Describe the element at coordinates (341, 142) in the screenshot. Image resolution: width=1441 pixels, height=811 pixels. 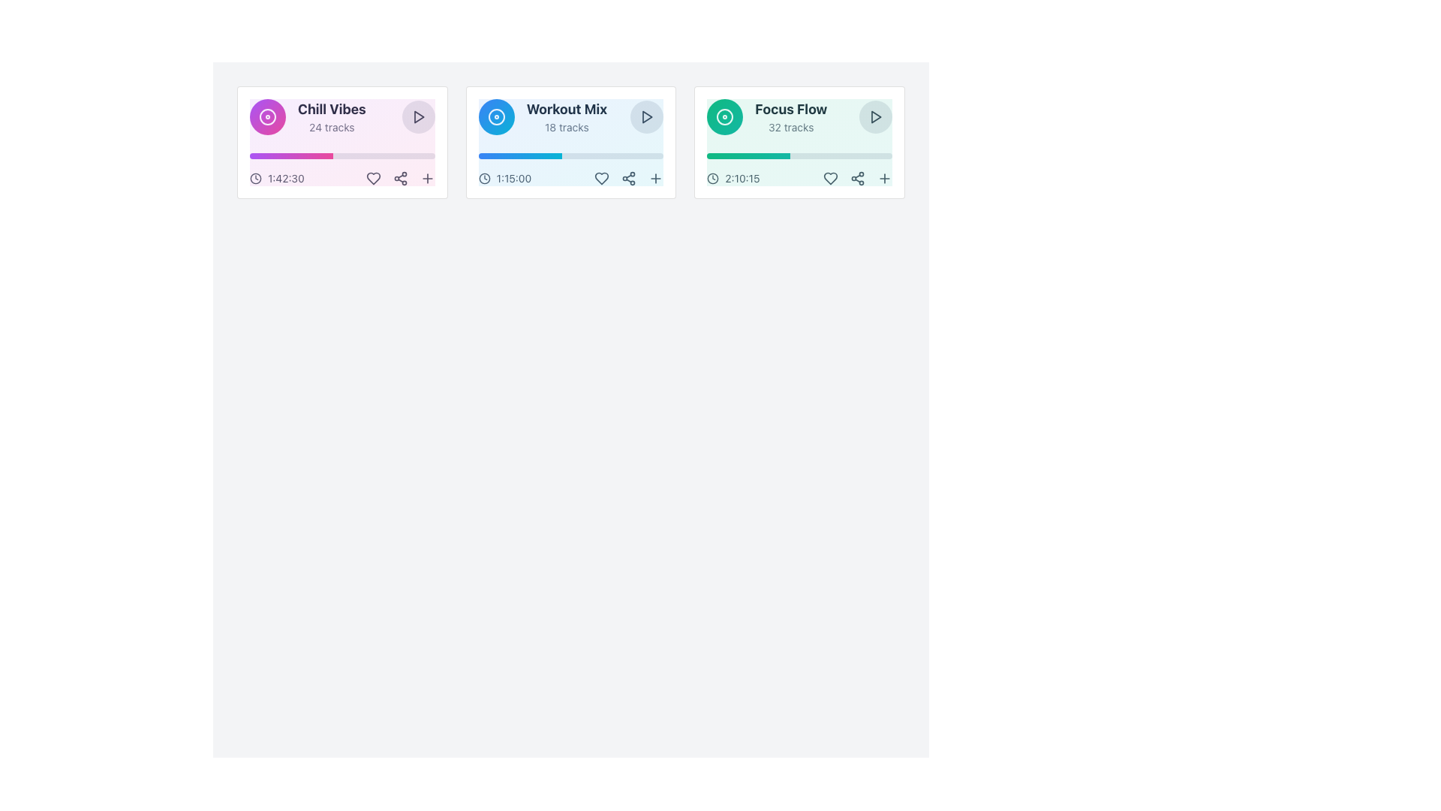
I see `the leftmost playlist card in the horizontal series to interact with its controls and details` at that location.